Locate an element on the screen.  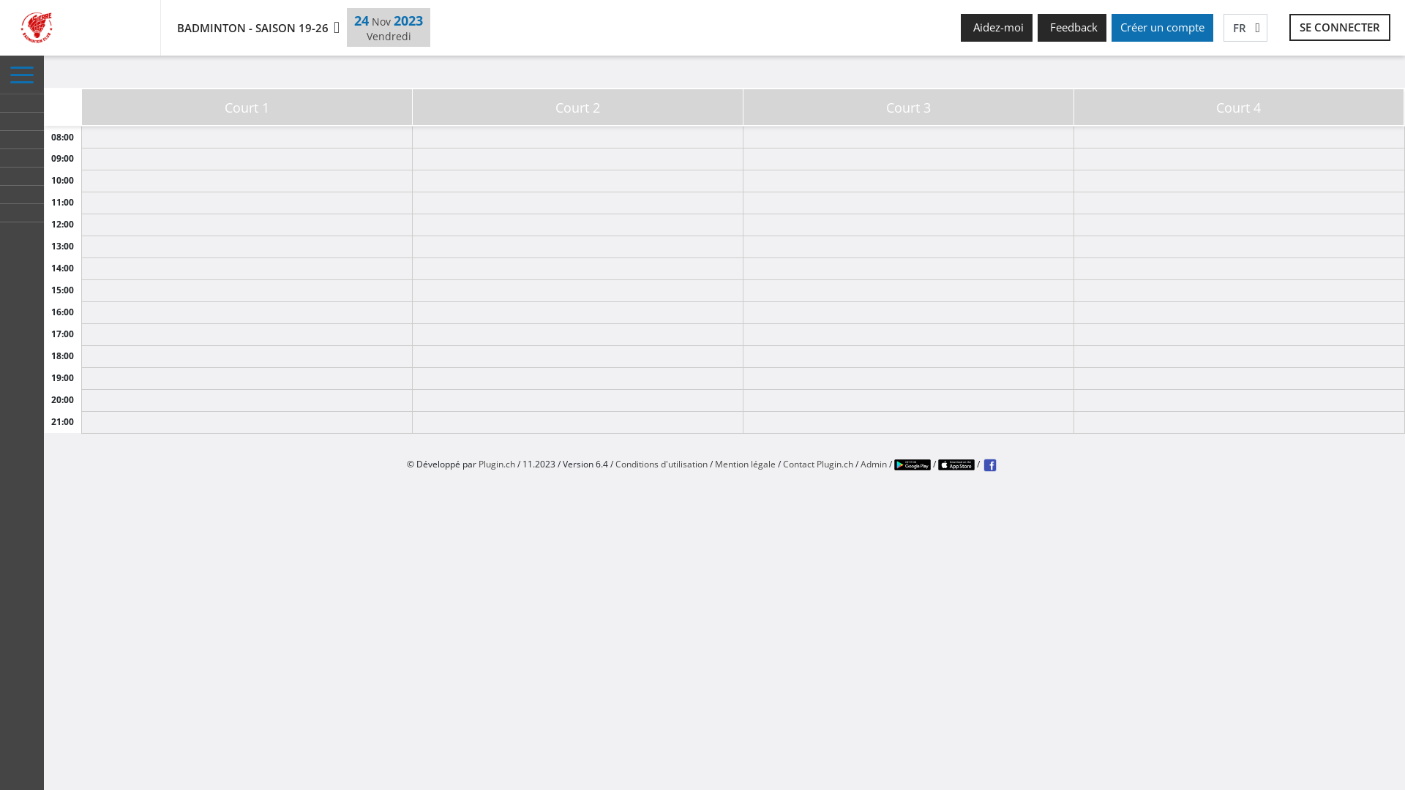
'Aidez-moi' is located at coordinates (996, 28).